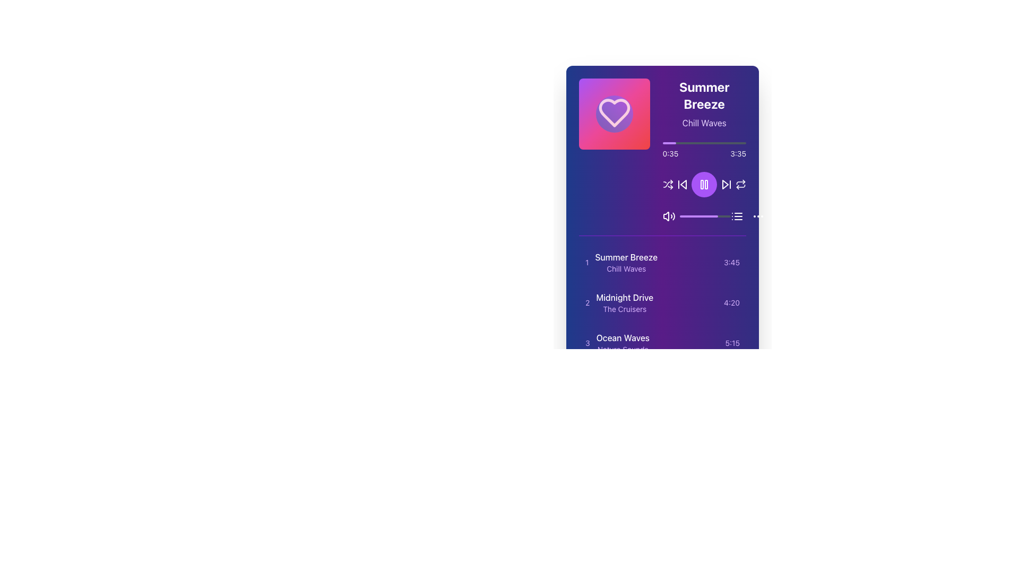 The height and width of the screenshot is (573, 1019). Describe the element at coordinates (614, 112) in the screenshot. I see `the heart-shaped graphic icon with a bold purple color scheme` at that location.